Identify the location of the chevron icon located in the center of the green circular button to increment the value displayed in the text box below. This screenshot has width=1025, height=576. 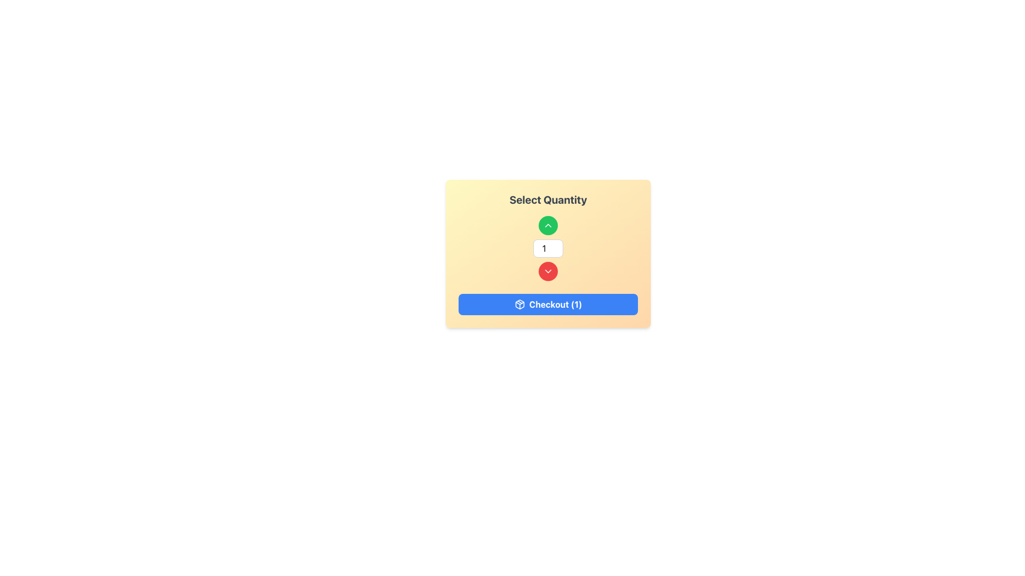
(548, 225).